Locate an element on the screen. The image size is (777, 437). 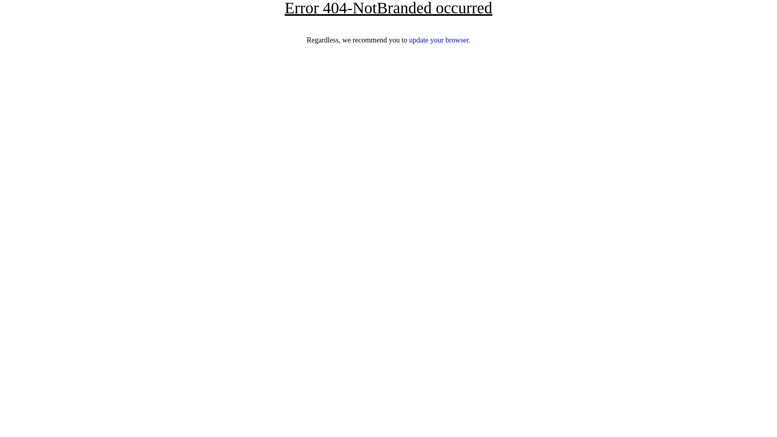
'update your browser.' is located at coordinates (409, 40).